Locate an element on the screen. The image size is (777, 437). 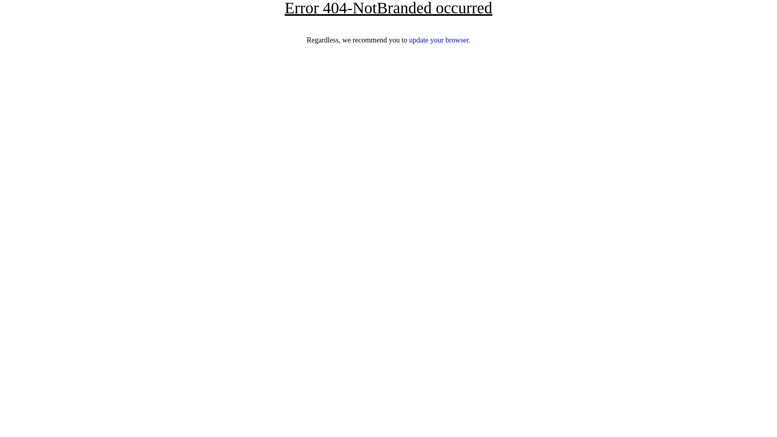
'update your browser.' is located at coordinates (409, 40).